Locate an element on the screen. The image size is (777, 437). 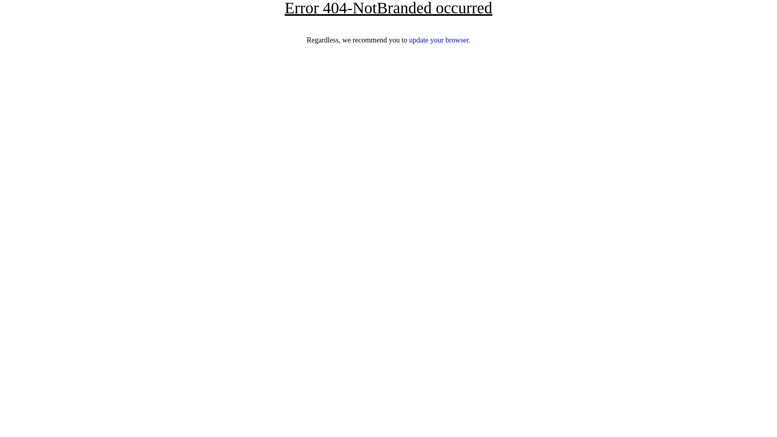
'update your browser.' is located at coordinates (409, 40).